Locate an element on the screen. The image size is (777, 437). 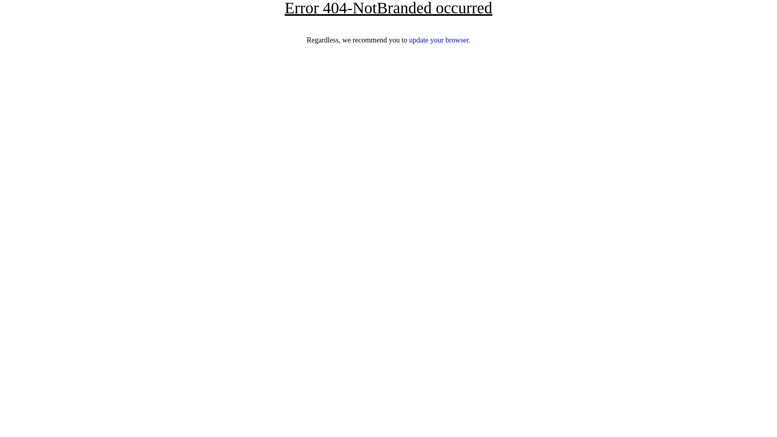
'update your browser.' is located at coordinates (409, 40).